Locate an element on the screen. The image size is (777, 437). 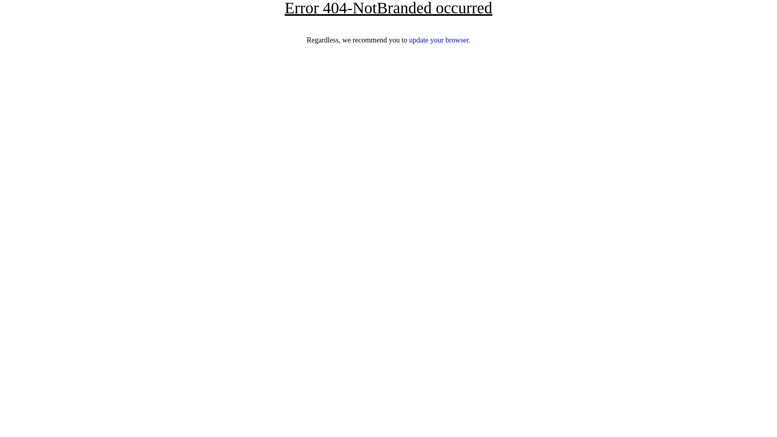
'update your browser.' is located at coordinates (409, 40).